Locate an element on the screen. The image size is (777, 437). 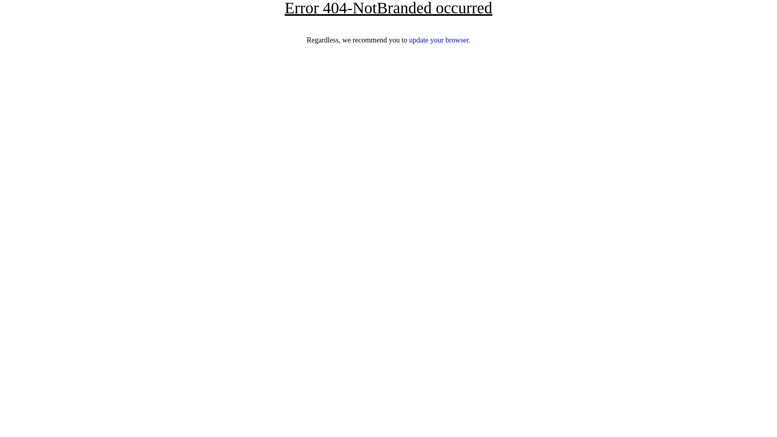
'update your browser.' is located at coordinates (409, 40).